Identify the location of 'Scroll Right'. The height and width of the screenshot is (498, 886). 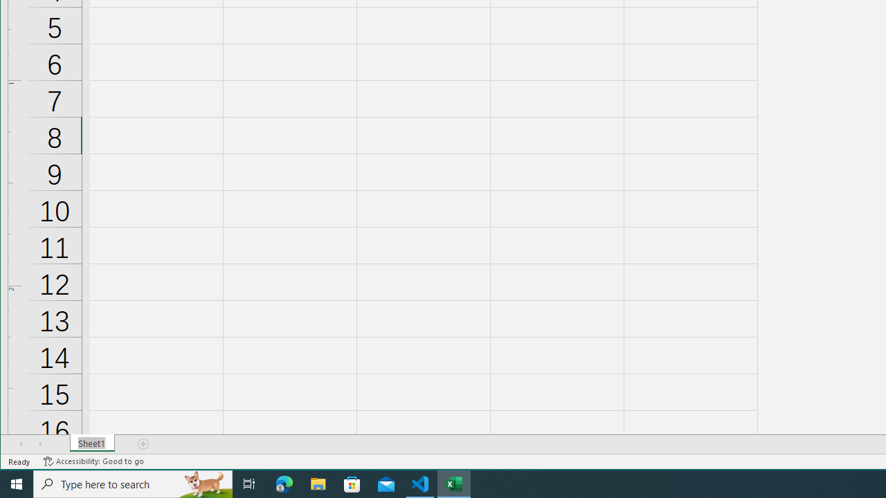
(40, 443).